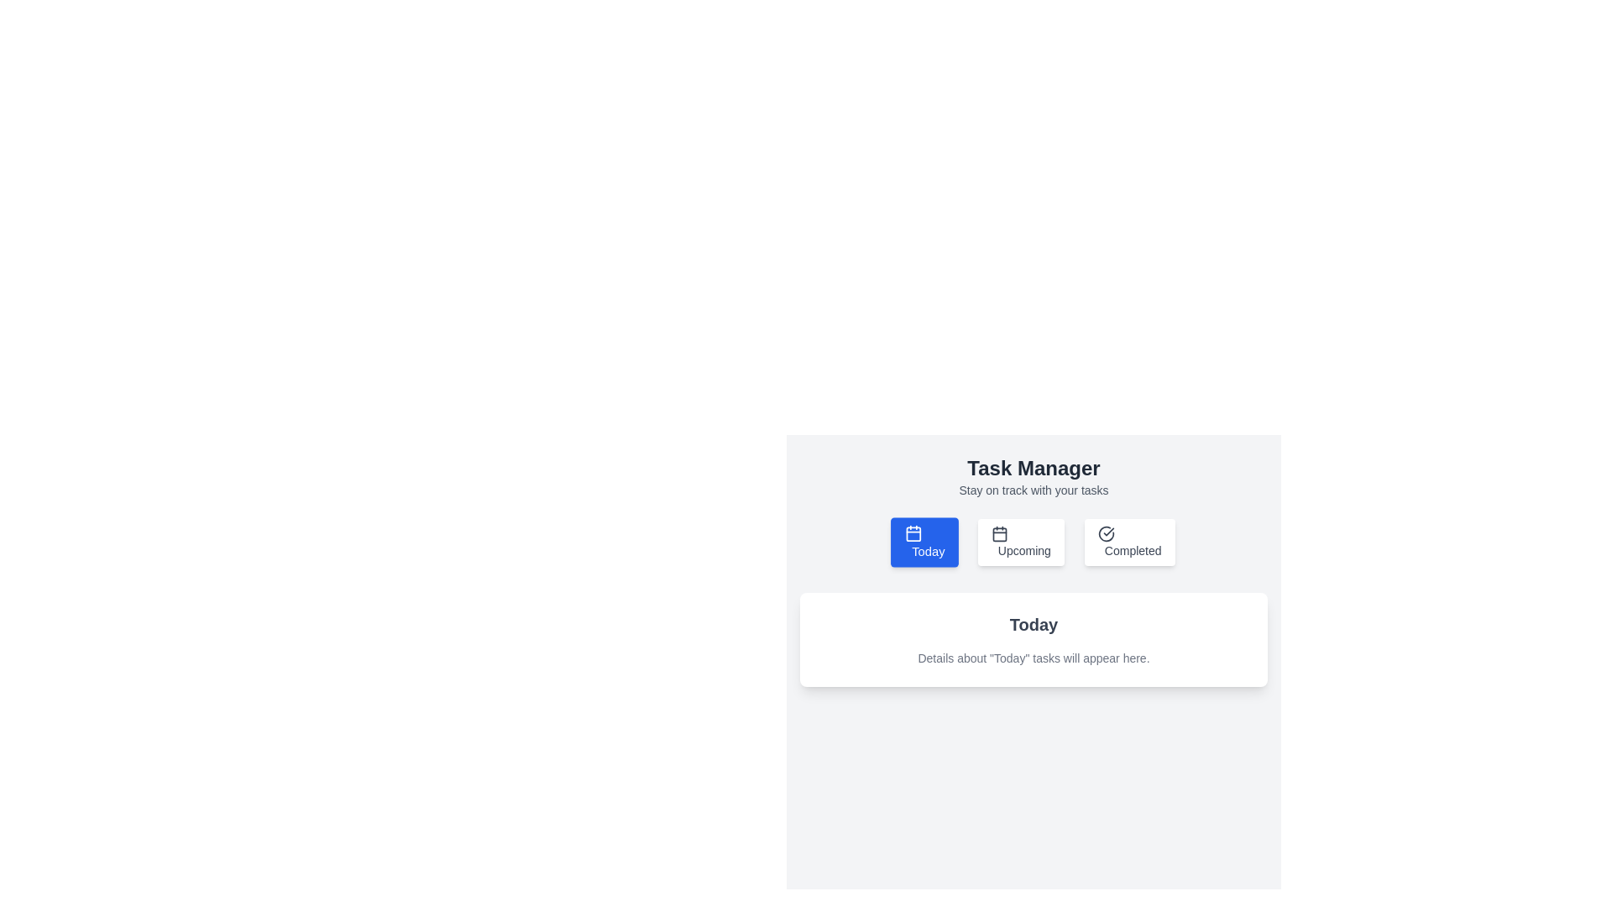 This screenshot has height=907, width=1612. Describe the element at coordinates (924, 542) in the screenshot. I see `the prominent 'Today' button with a blue background and white text` at that location.